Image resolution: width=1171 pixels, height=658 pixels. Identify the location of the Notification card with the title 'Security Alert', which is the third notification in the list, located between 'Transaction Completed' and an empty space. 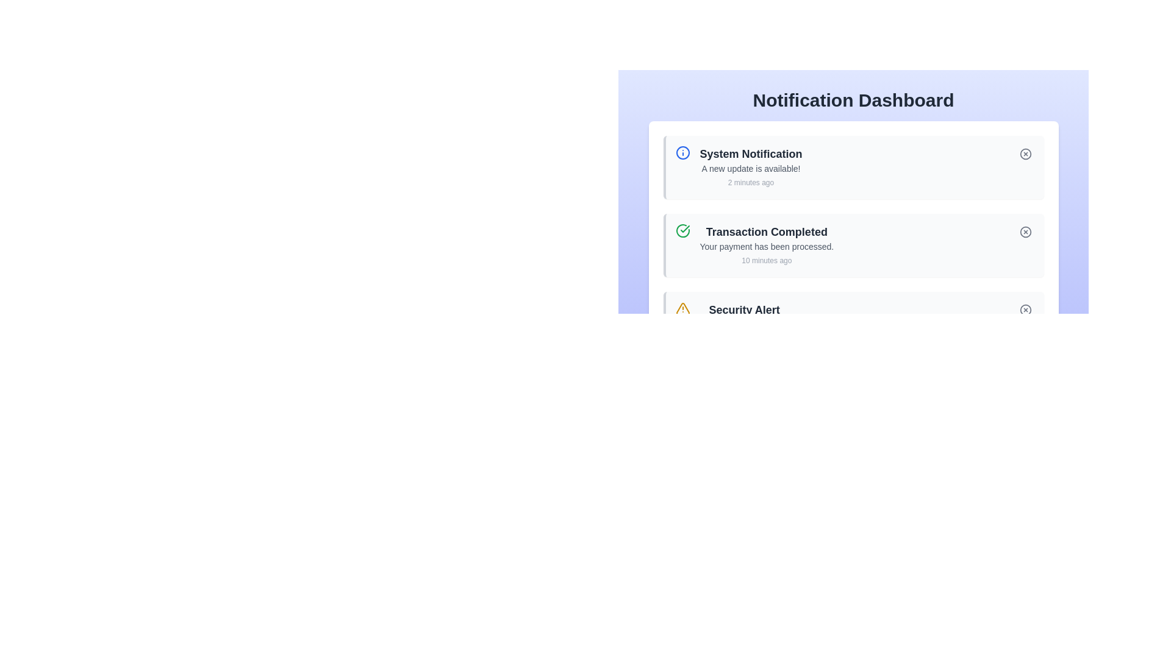
(853, 323).